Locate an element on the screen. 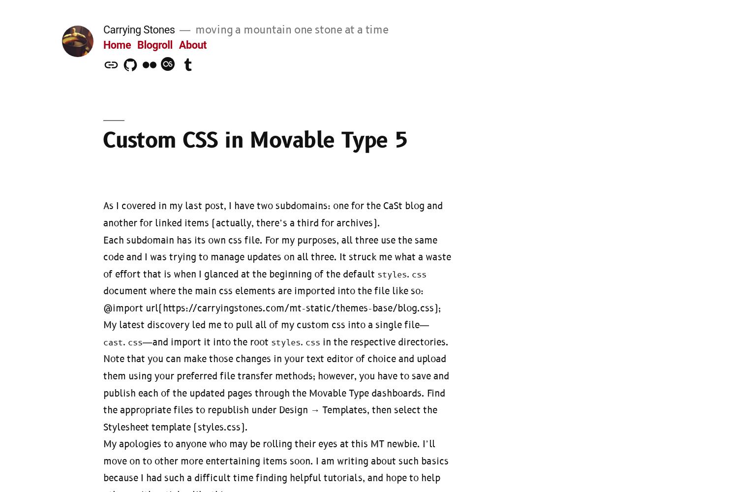  'cast.css' is located at coordinates (123, 342).